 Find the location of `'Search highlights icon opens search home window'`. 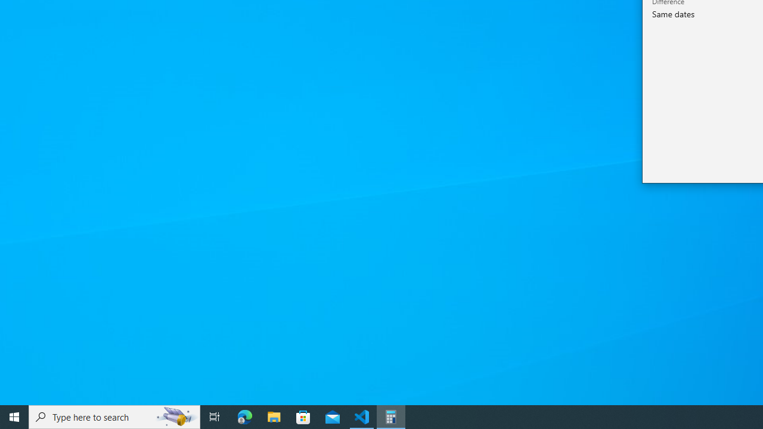

'Search highlights icon opens search home window' is located at coordinates (175, 416).